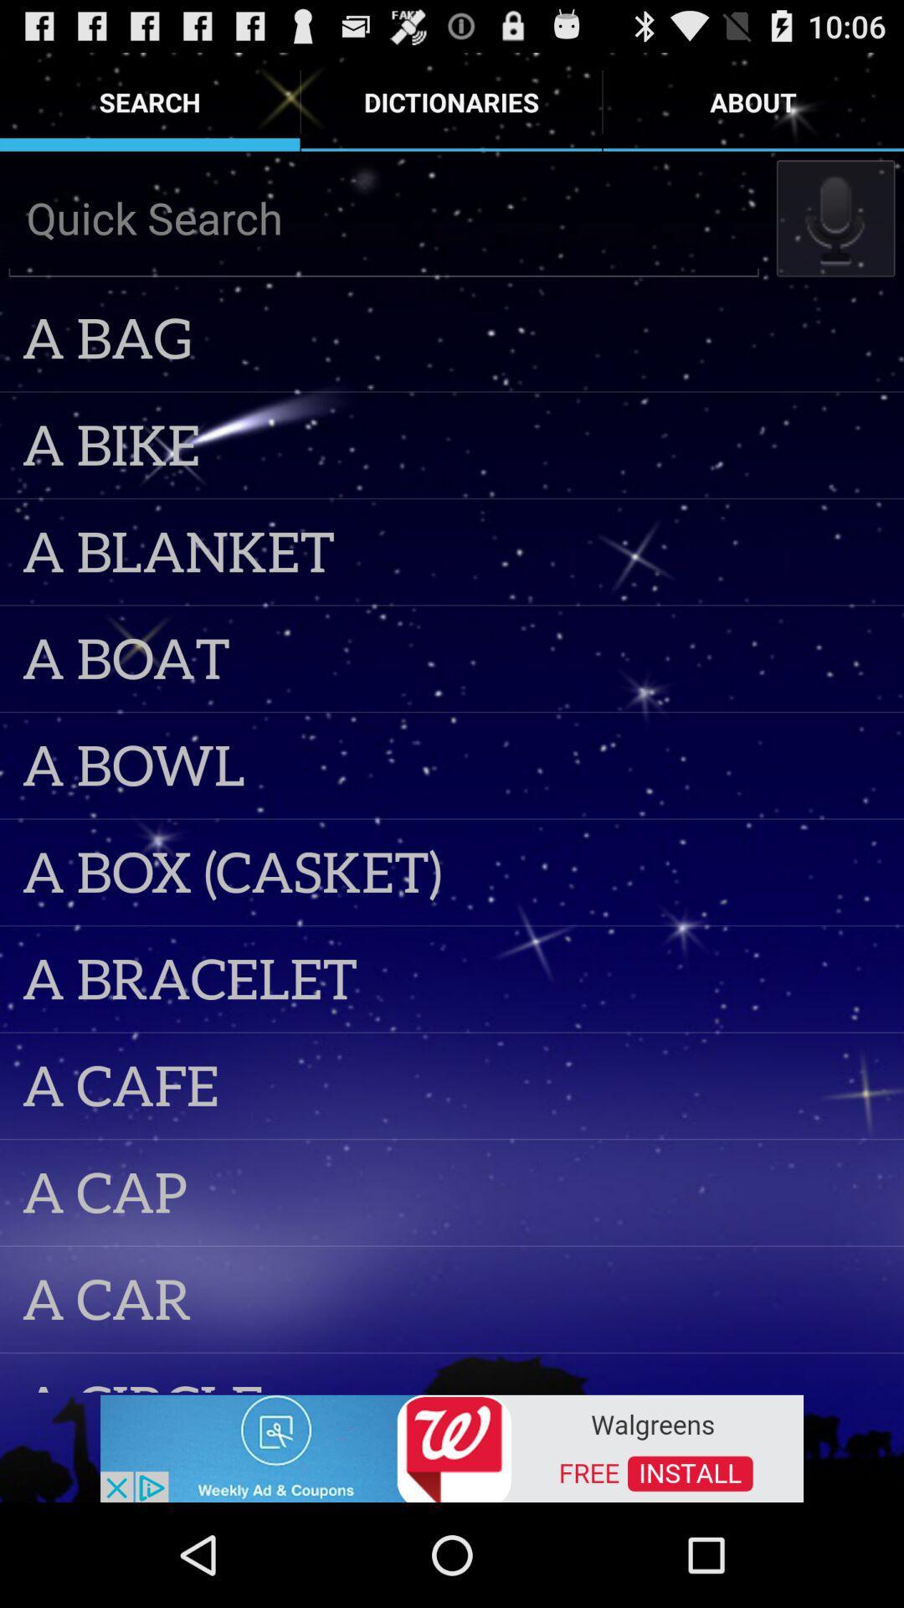  What do you see at coordinates (383, 217) in the screenshot?
I see `write what to search` at bounding box center [383, 217].